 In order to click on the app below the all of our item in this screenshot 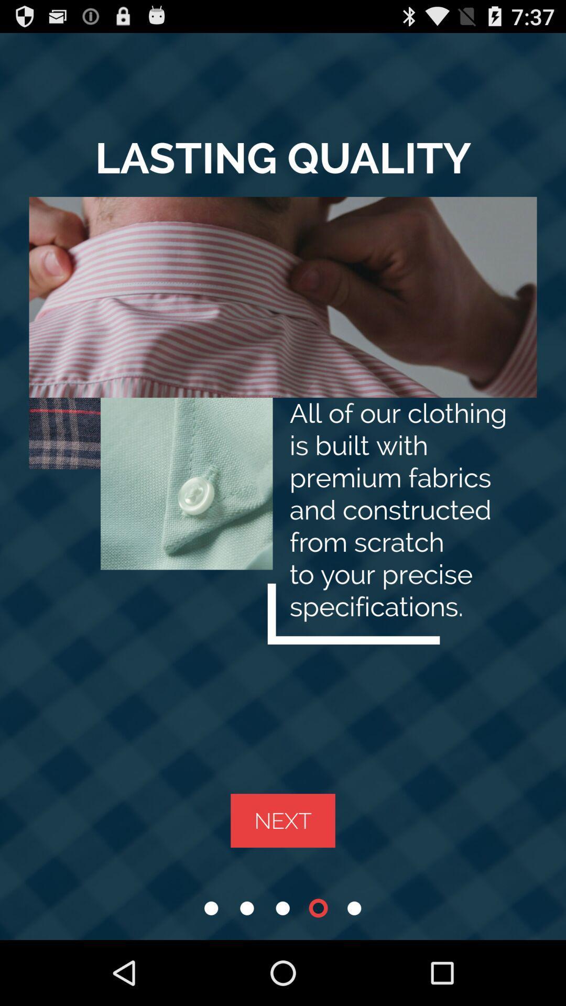, I will do `click(283, 820)`.